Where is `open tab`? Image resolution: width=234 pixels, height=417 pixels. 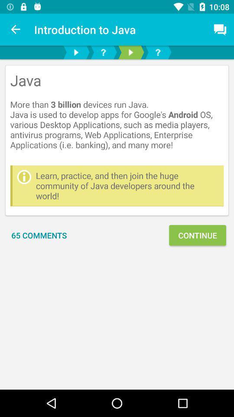 open tab is located at coordinates (157, 52).